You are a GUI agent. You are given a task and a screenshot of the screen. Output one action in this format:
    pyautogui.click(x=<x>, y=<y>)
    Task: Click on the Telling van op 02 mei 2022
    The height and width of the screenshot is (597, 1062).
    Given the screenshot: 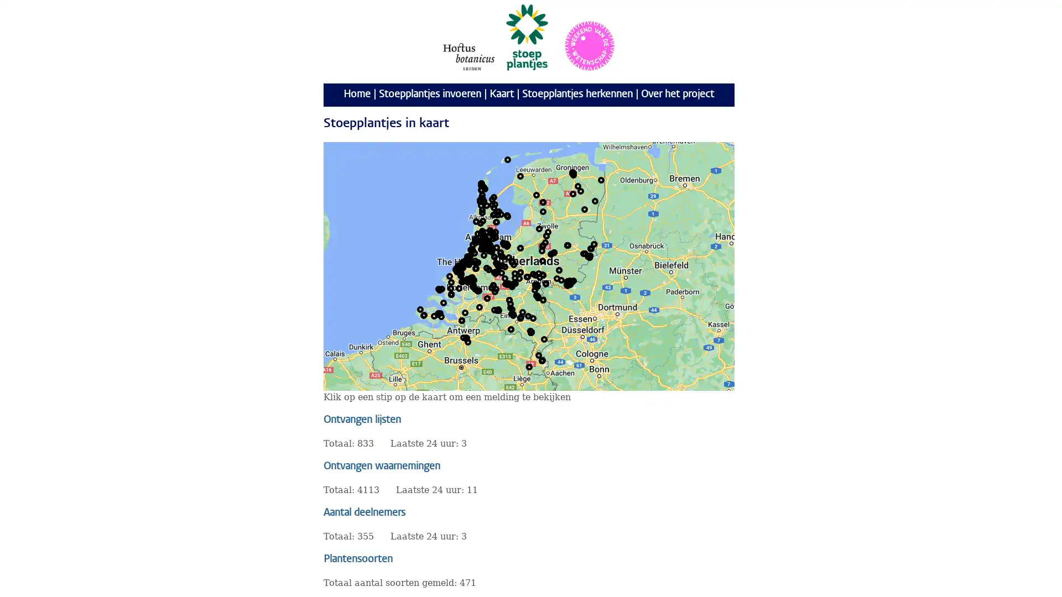 What is the action you would take?
    pyautogui.click(x=480, y=200)
    